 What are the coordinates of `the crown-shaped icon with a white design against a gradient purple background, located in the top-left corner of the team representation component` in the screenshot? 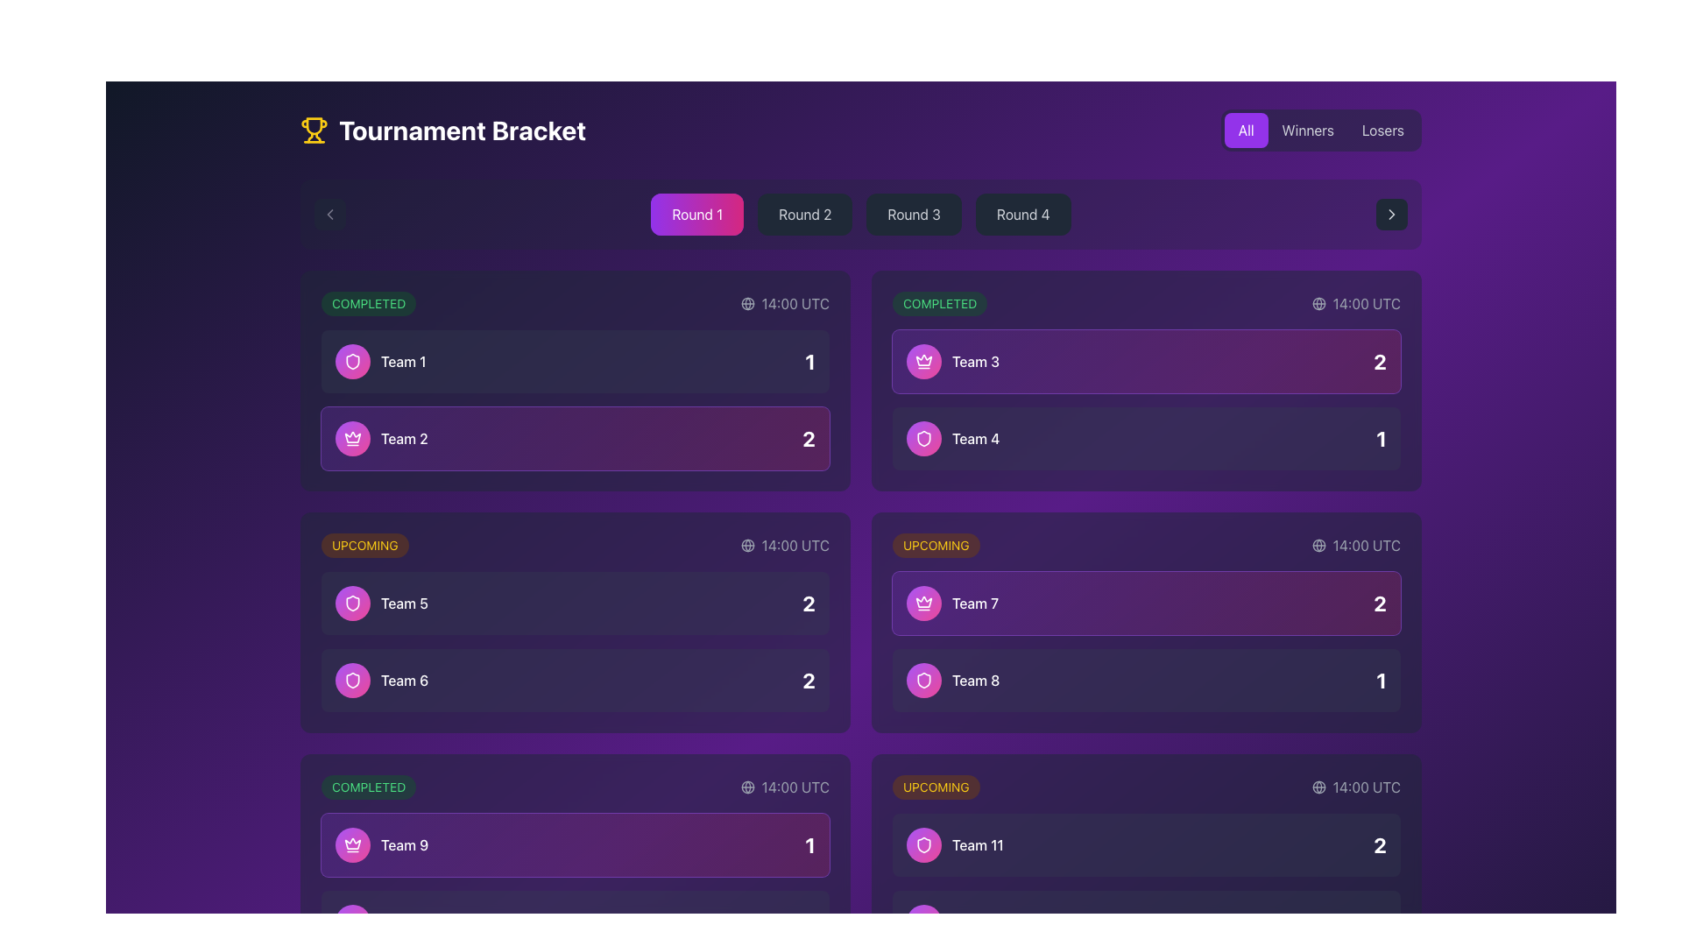 It's located at (923, 360).